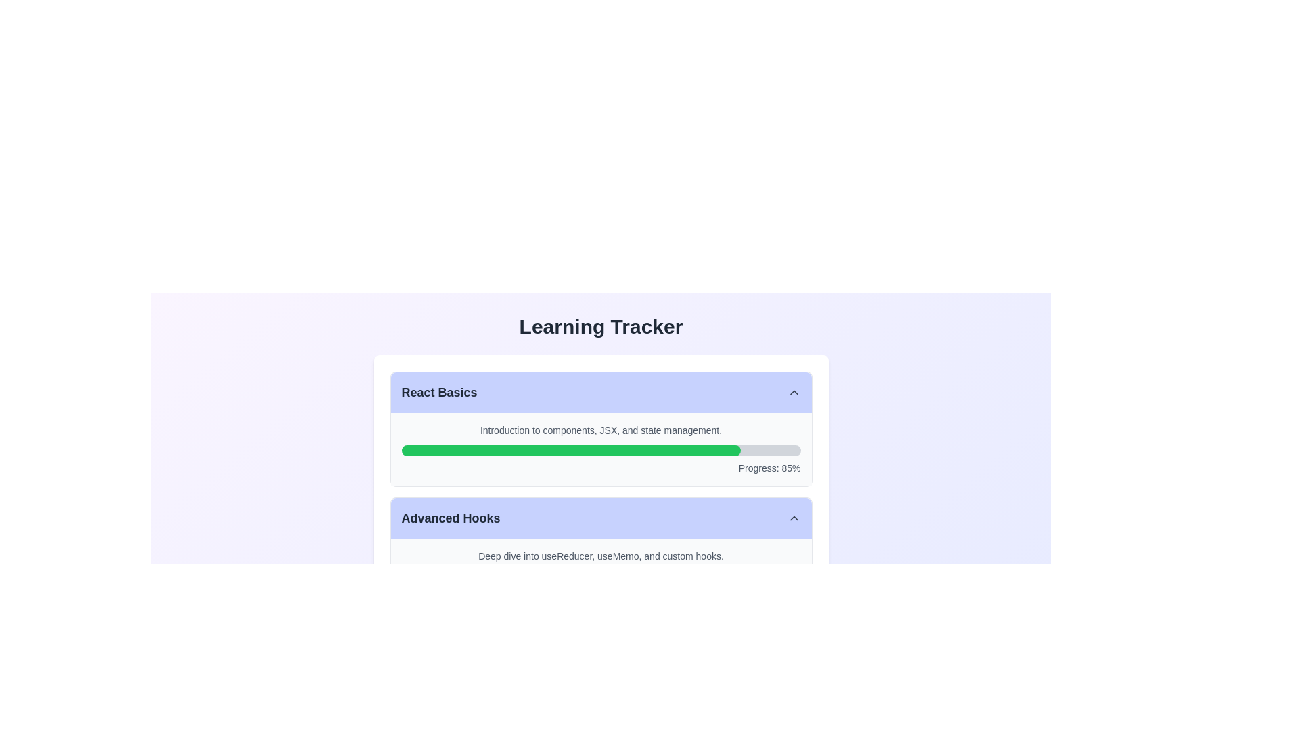 The image size is (1299, 731). What do you see at coordinates (600, 326) in the screenshot?
I see `the prominent header text label styled in bold and large font at the top of the interface` at bounding box center [600, 326].